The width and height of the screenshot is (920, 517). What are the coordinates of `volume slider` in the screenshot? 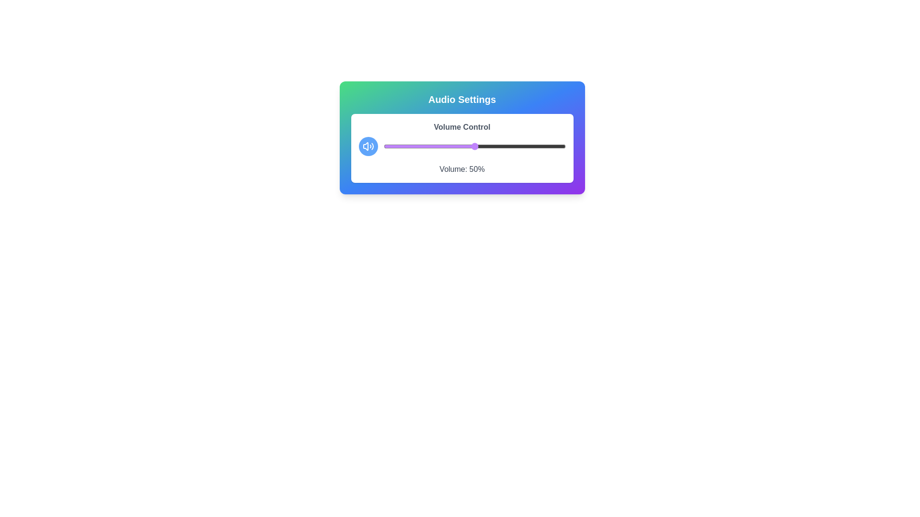 It's located at (460, 146).